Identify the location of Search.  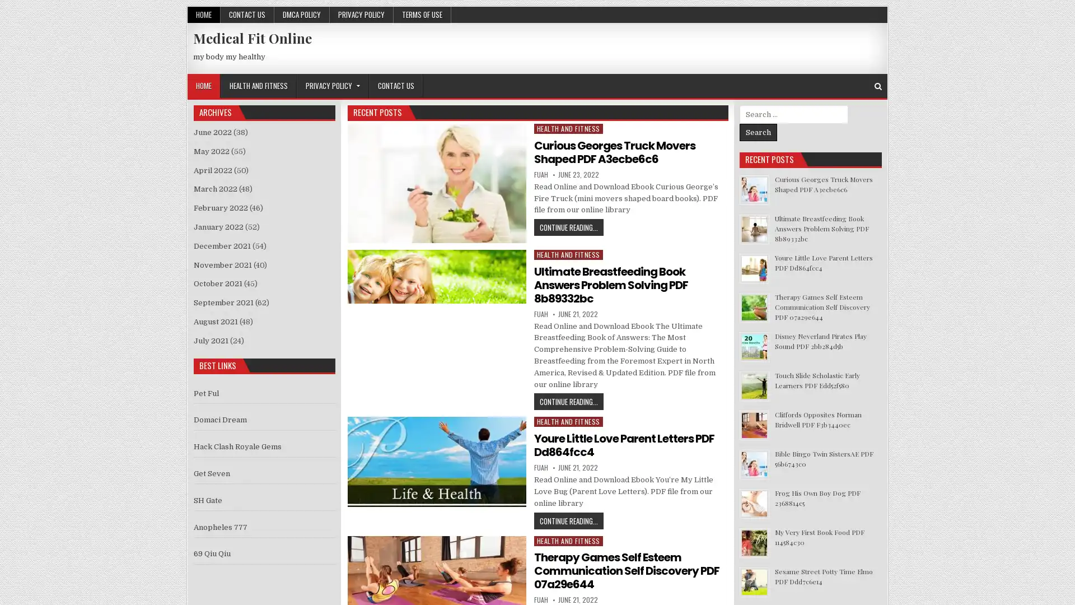
(758, 132).